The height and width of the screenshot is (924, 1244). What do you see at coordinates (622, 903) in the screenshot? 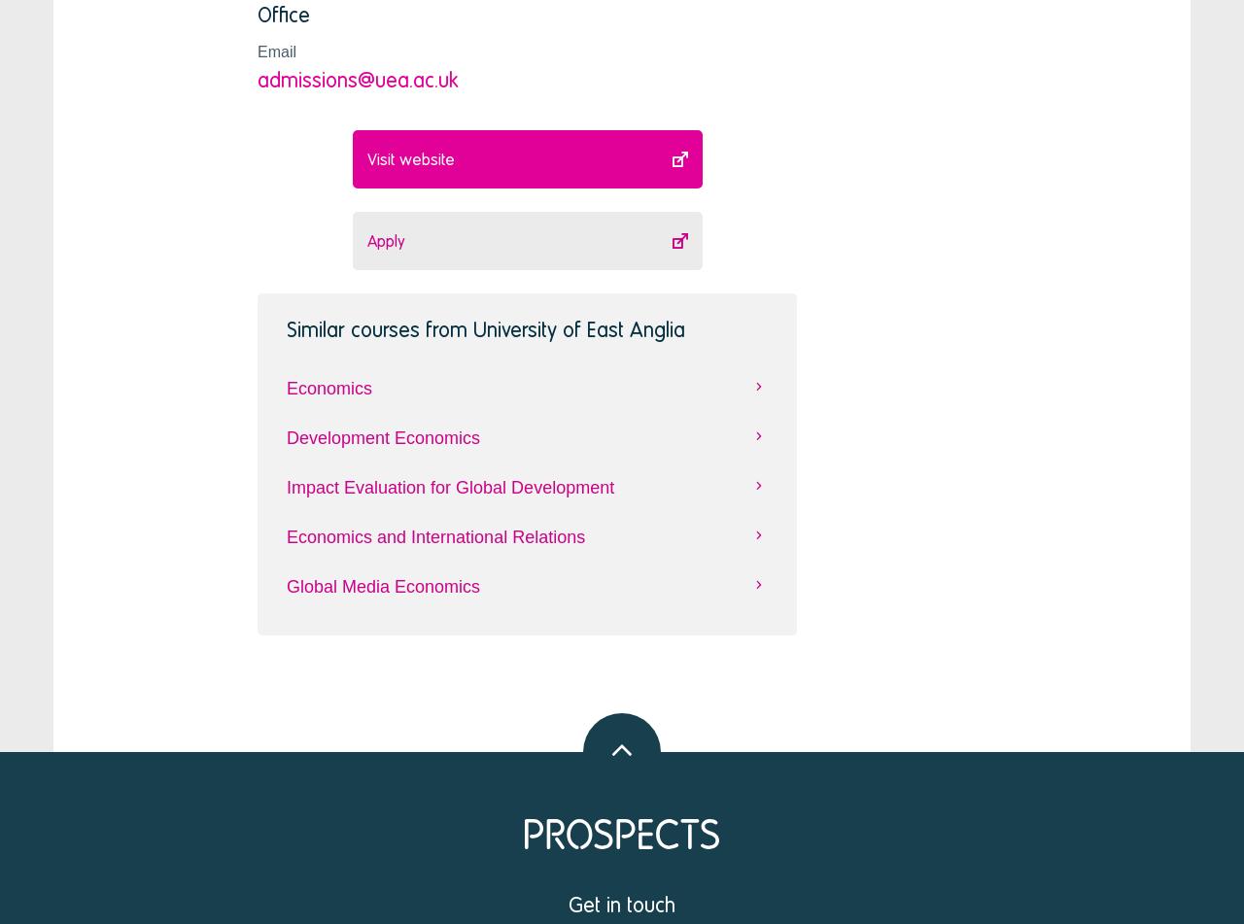
I see `'Get in touch'` at bounding box center [622, 903].